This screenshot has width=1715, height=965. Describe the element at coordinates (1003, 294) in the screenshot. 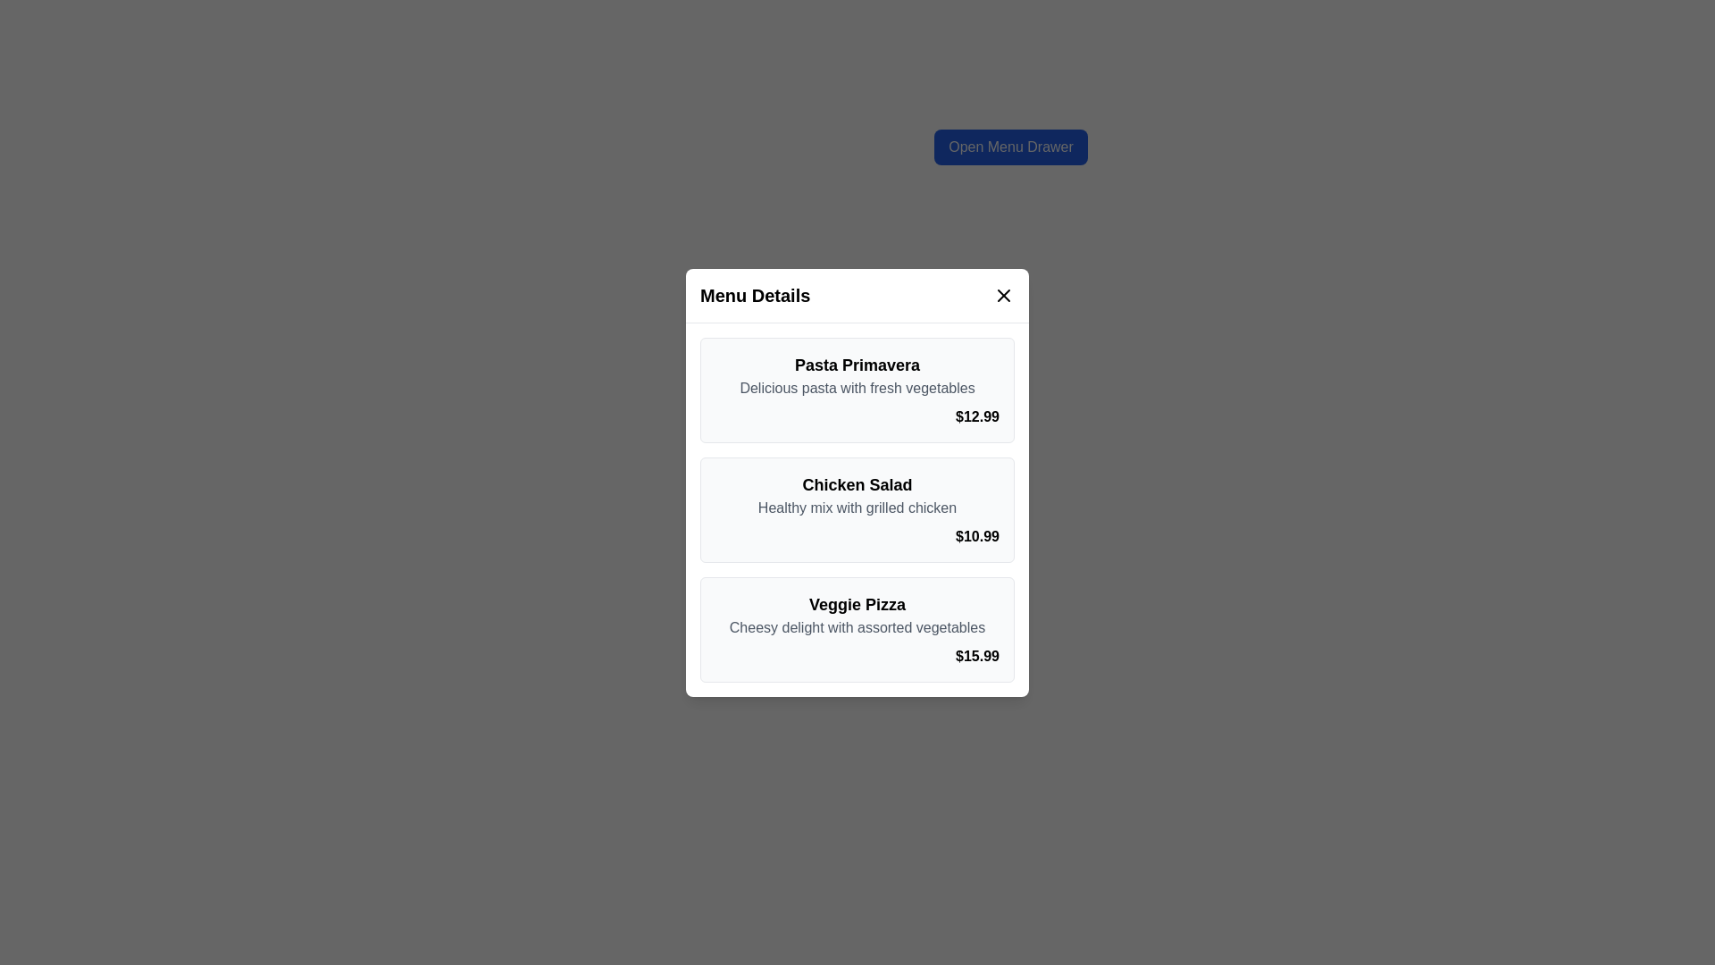

I see `the Close Button located at the top-right corner of the 'Menu Details' overlay panel` at that location.